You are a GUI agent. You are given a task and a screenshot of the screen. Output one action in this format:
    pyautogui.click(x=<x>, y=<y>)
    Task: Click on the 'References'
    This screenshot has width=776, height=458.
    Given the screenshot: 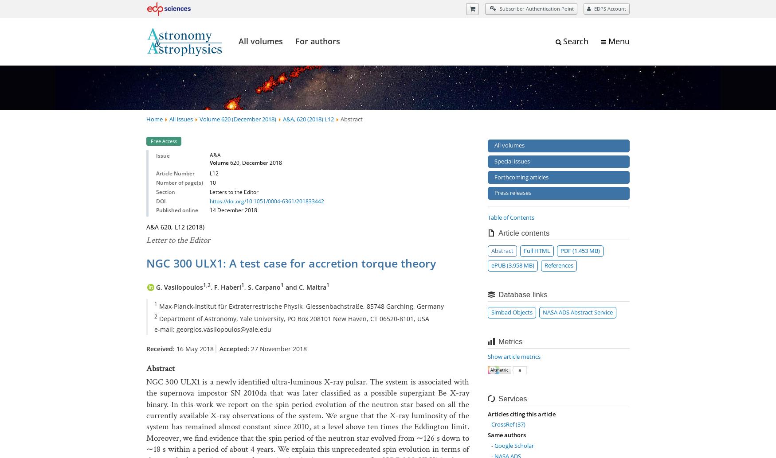 What is the action you would take?
    pyautogui.click(x=558, y=264)
    